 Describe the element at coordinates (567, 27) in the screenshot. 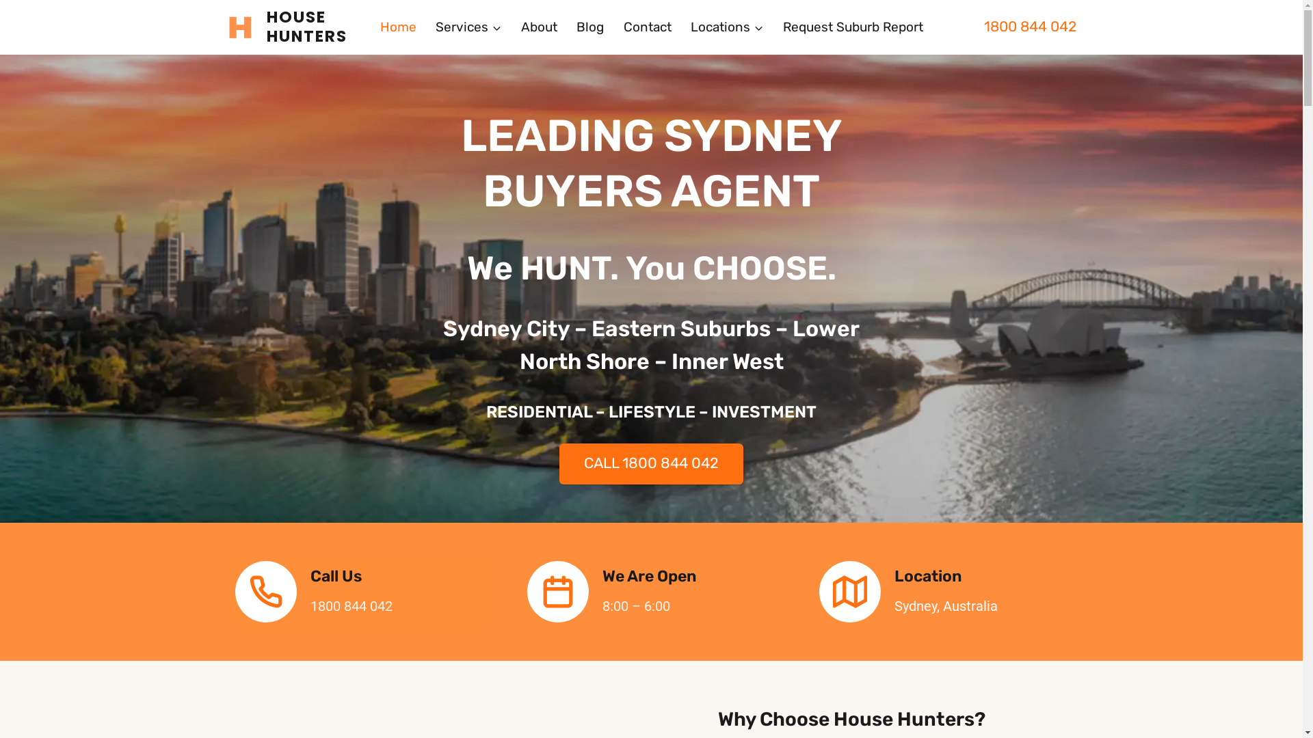

I see `'Blog'` at that location.